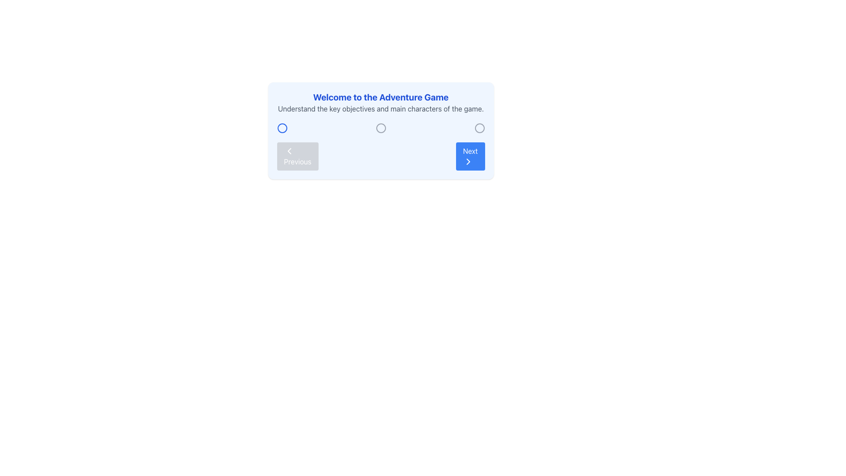  Describe the element at coordinates (381, 102) in the screenshot. I see `informational text element located at the top section of the light blue panel, which combines a heading and a subtext, providing an overview of the game's objectives and main characters` at that location.